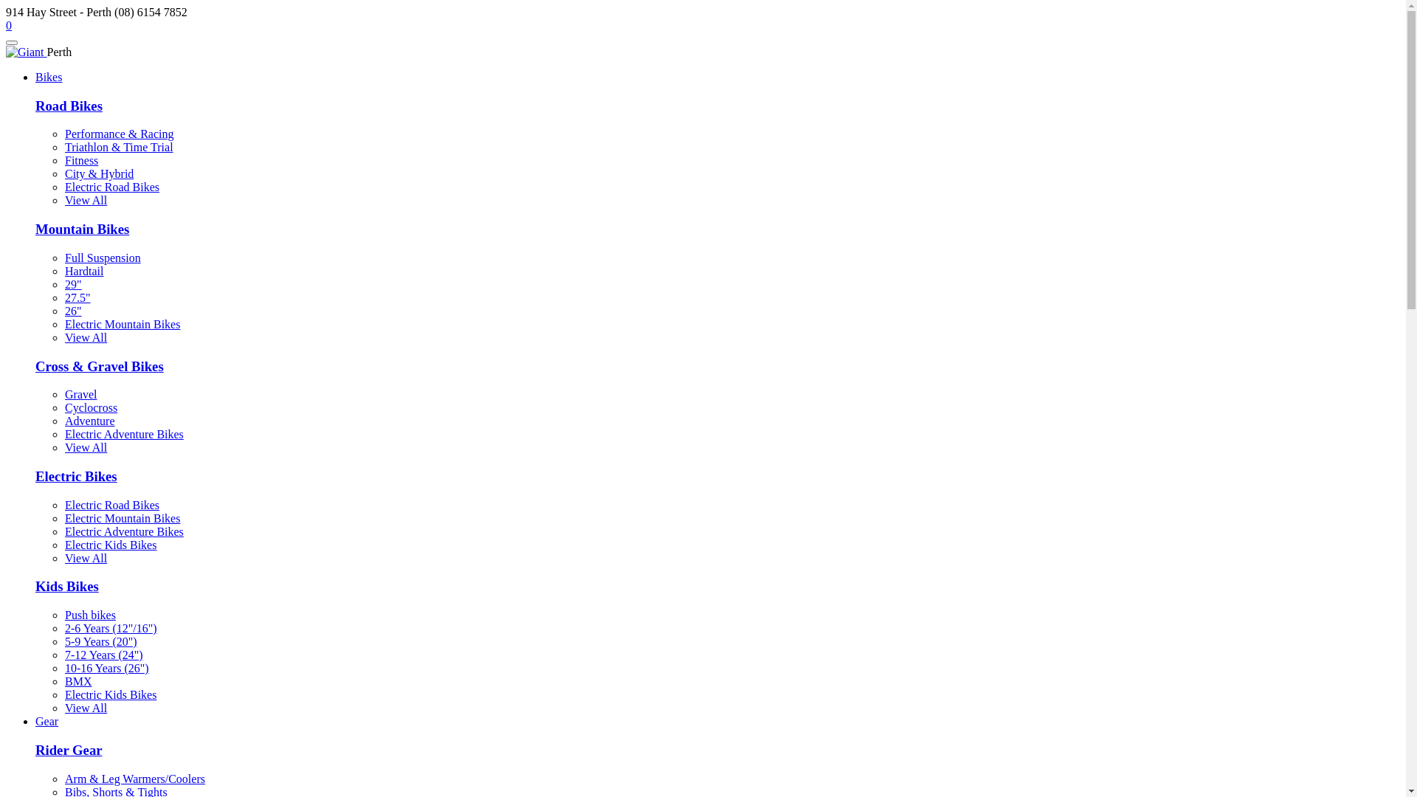 This screenshot has height=797, width=1417. I want to click on 'Full Suspension', so click(63, 257).